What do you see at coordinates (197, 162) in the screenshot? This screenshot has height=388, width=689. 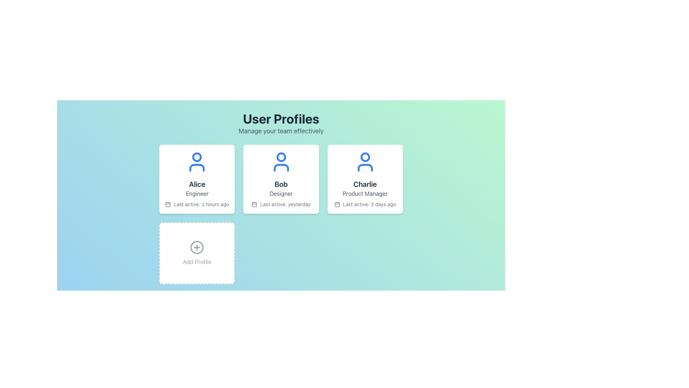 I see `the Avatar Icon representing user 'Alice' in the 'User Profiles' section, located at the top-center of the card labeled 'Alice'` at bounding box center [197, 162].